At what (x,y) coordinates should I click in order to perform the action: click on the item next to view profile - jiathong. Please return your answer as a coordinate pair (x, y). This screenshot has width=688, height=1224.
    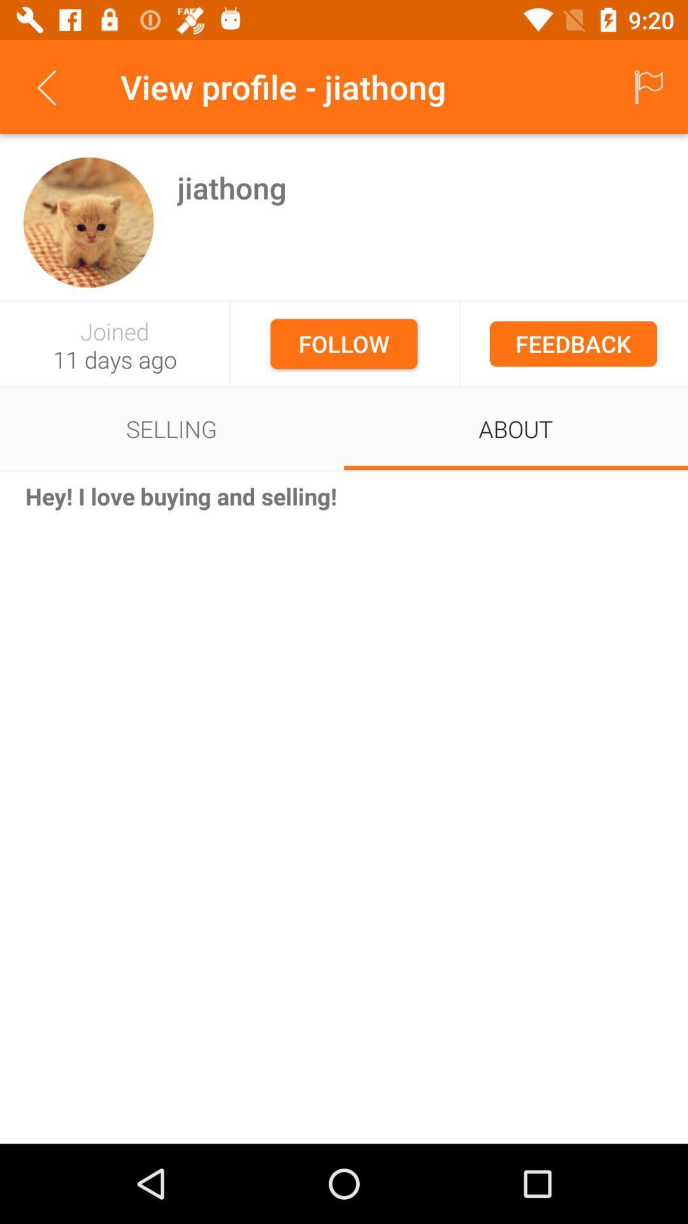
    Looking at the image, I should click on (648, 86).